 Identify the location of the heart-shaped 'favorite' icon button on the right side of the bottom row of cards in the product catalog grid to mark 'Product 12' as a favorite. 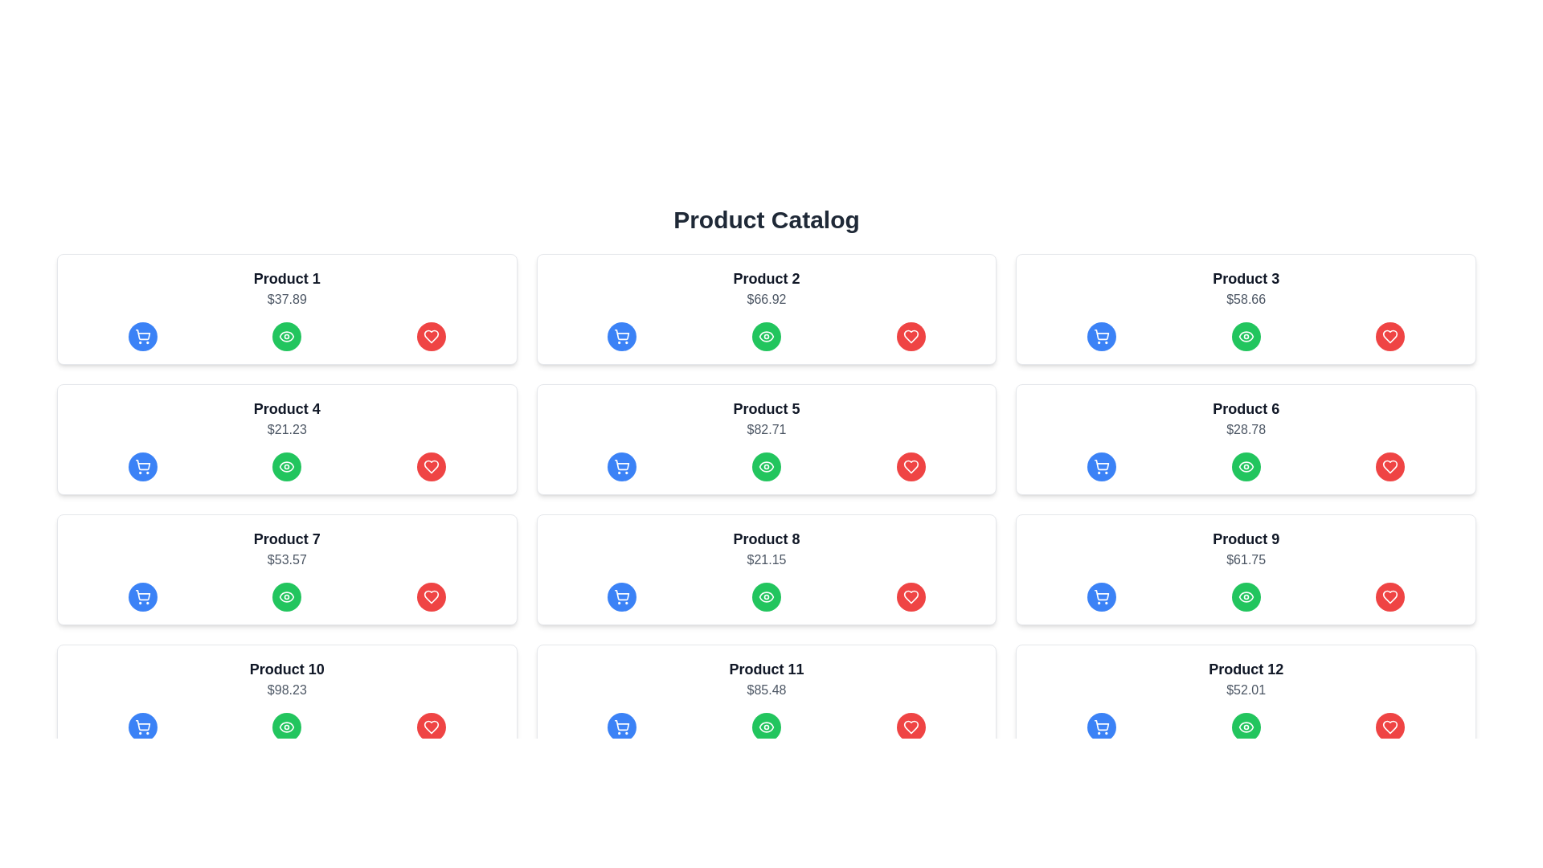
(1390, 727).